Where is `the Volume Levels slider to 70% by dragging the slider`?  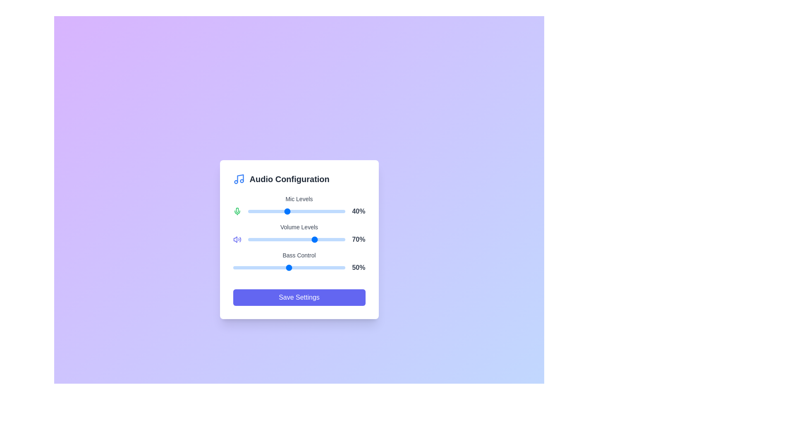 the Volume Levels slider to 70% by dragging the slider is located at coordinates (316, 239).